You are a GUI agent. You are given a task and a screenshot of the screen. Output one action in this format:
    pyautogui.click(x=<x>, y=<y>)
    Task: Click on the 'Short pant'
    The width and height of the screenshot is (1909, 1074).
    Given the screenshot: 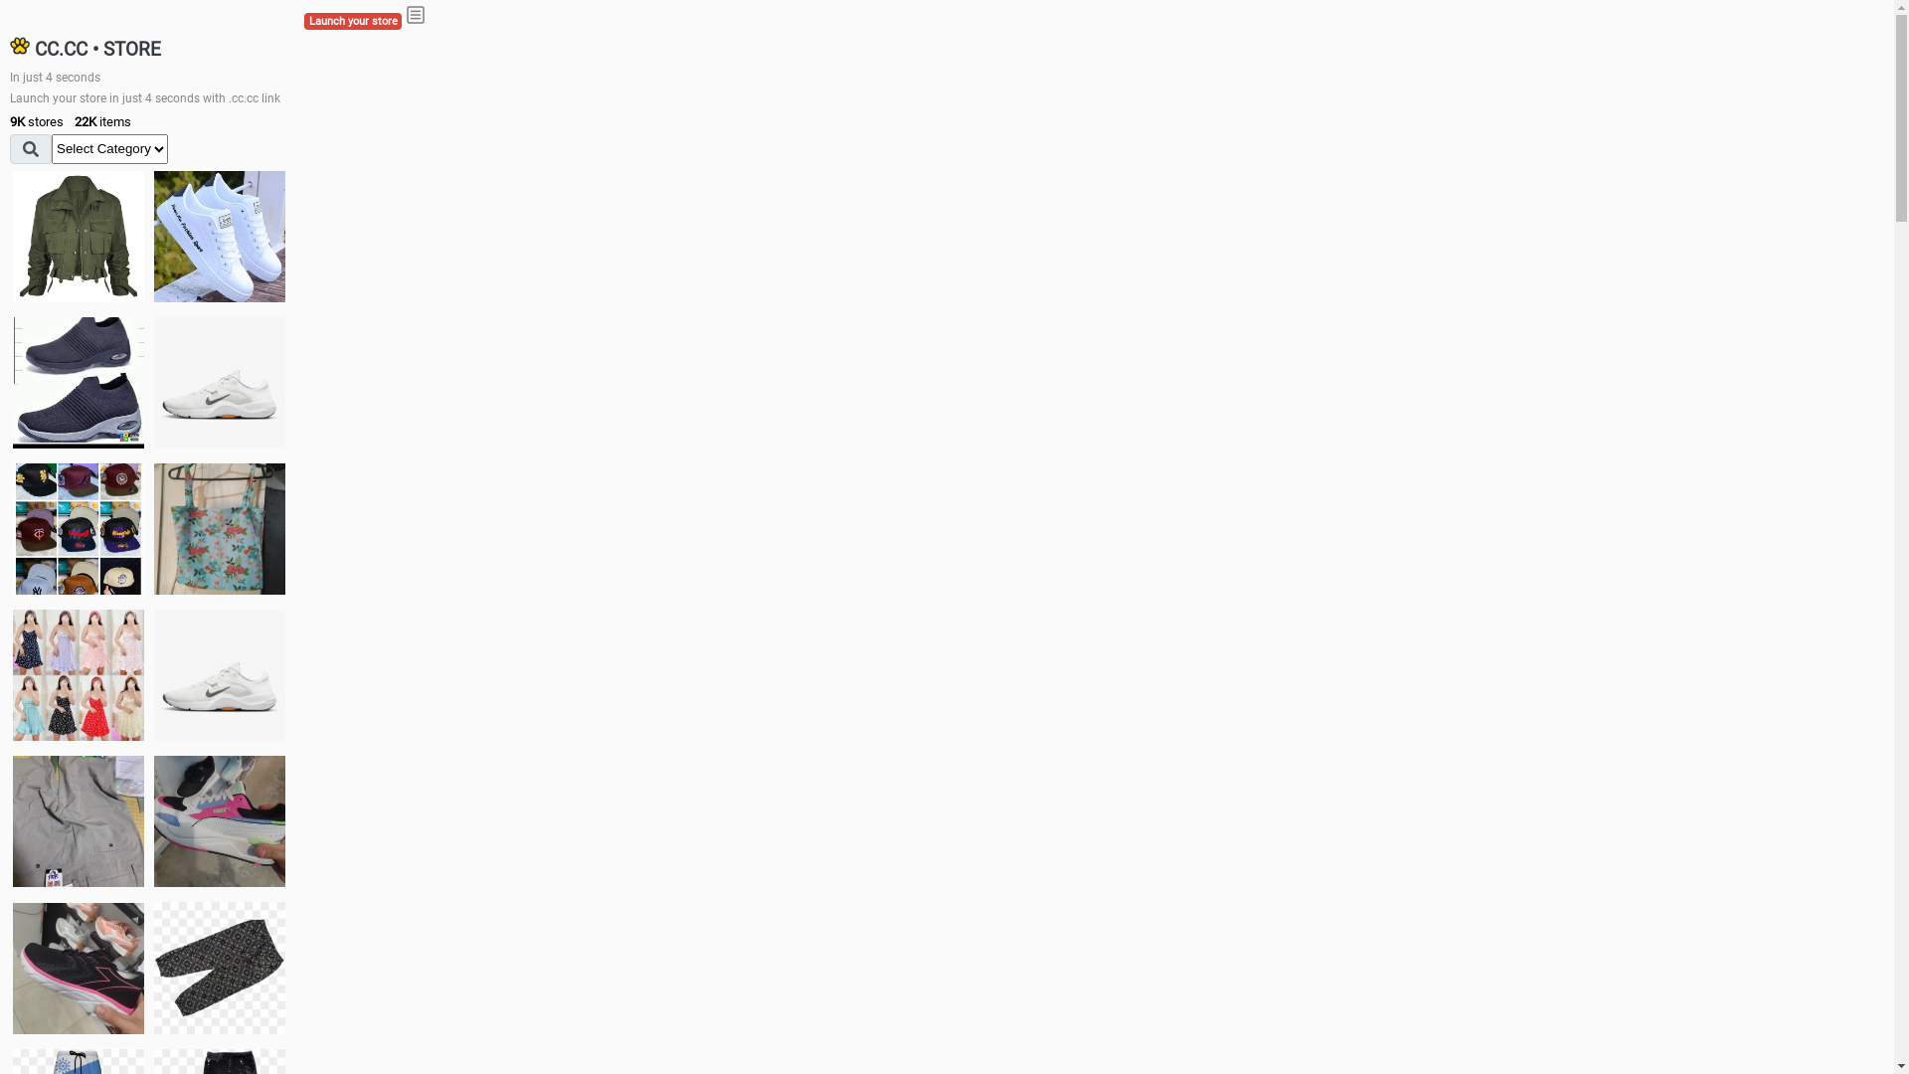 What is the action you would take?
    pyautogui.click(x=152, y=966)
    